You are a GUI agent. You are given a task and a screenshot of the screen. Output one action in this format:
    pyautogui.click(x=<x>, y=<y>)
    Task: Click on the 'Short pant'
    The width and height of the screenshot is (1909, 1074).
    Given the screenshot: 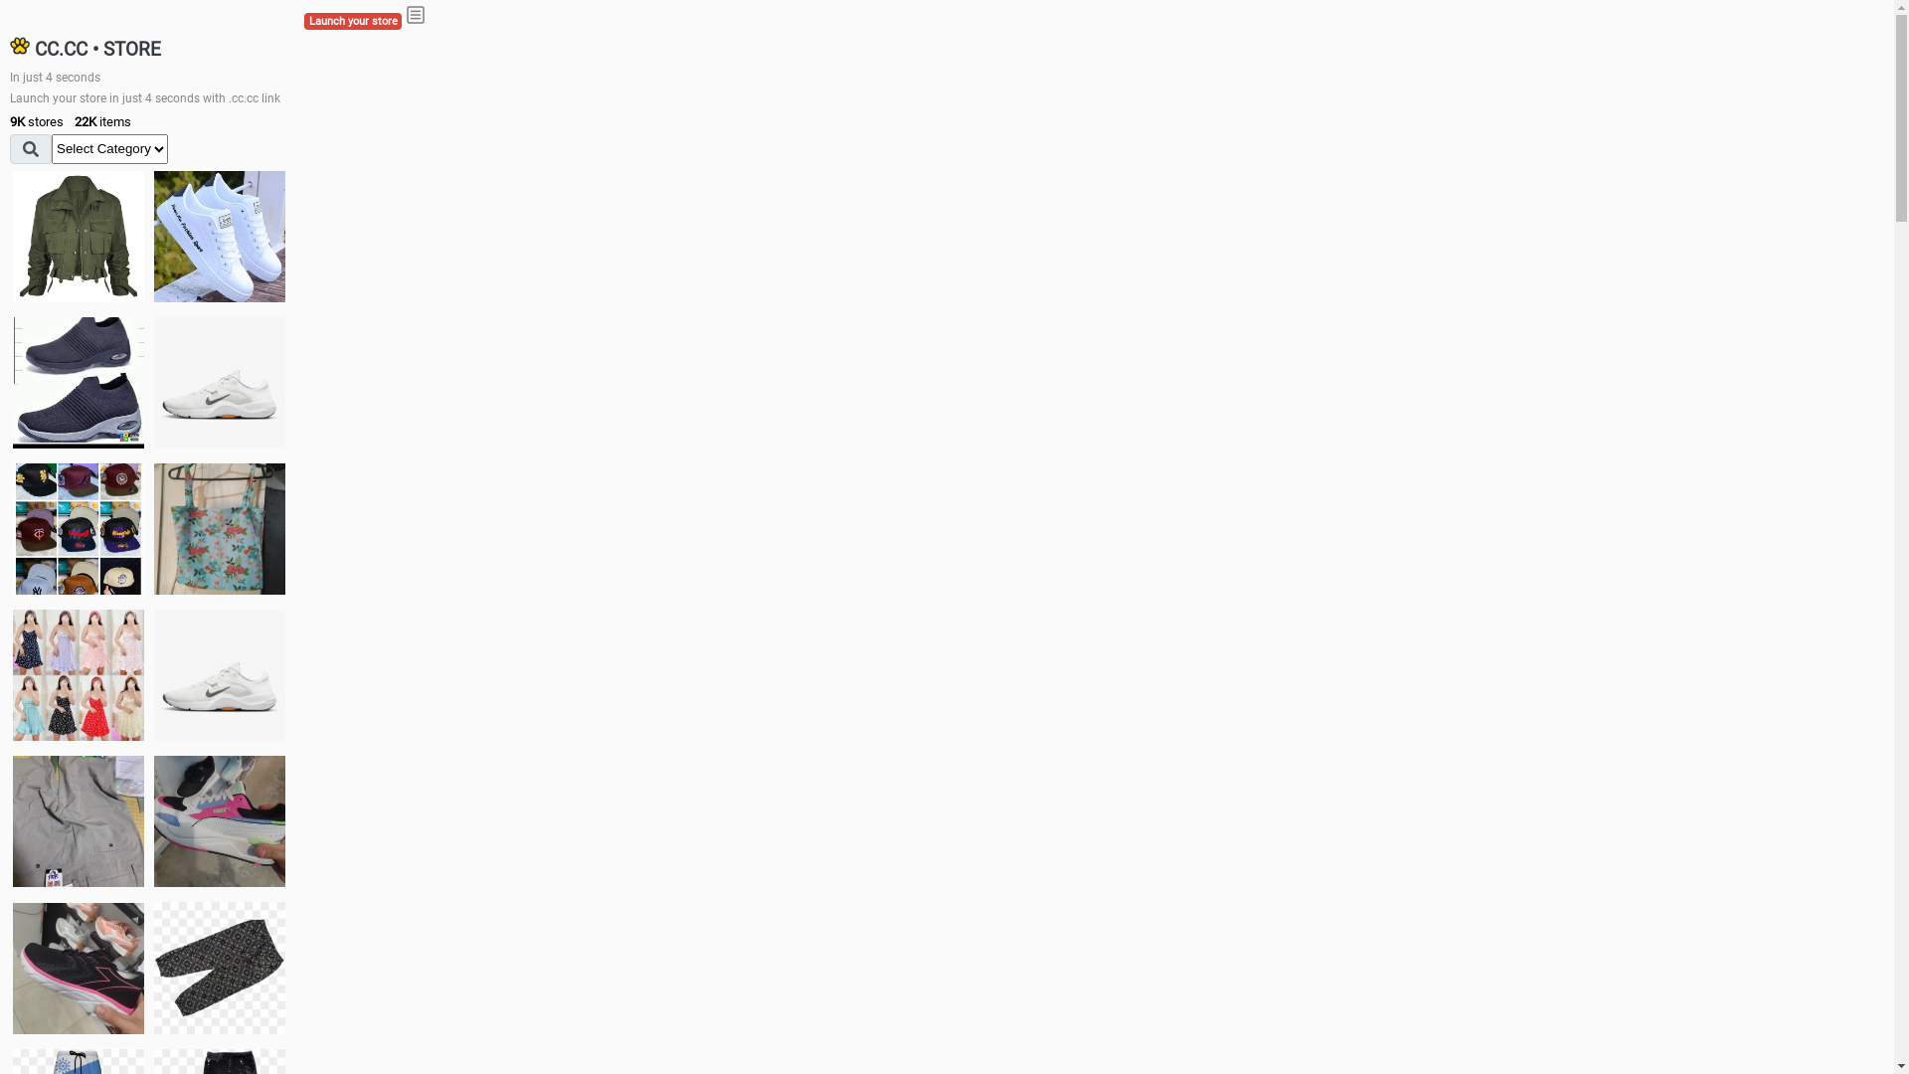 What is the action you would take?
    pyautogui.click(x=152, y=966)
    